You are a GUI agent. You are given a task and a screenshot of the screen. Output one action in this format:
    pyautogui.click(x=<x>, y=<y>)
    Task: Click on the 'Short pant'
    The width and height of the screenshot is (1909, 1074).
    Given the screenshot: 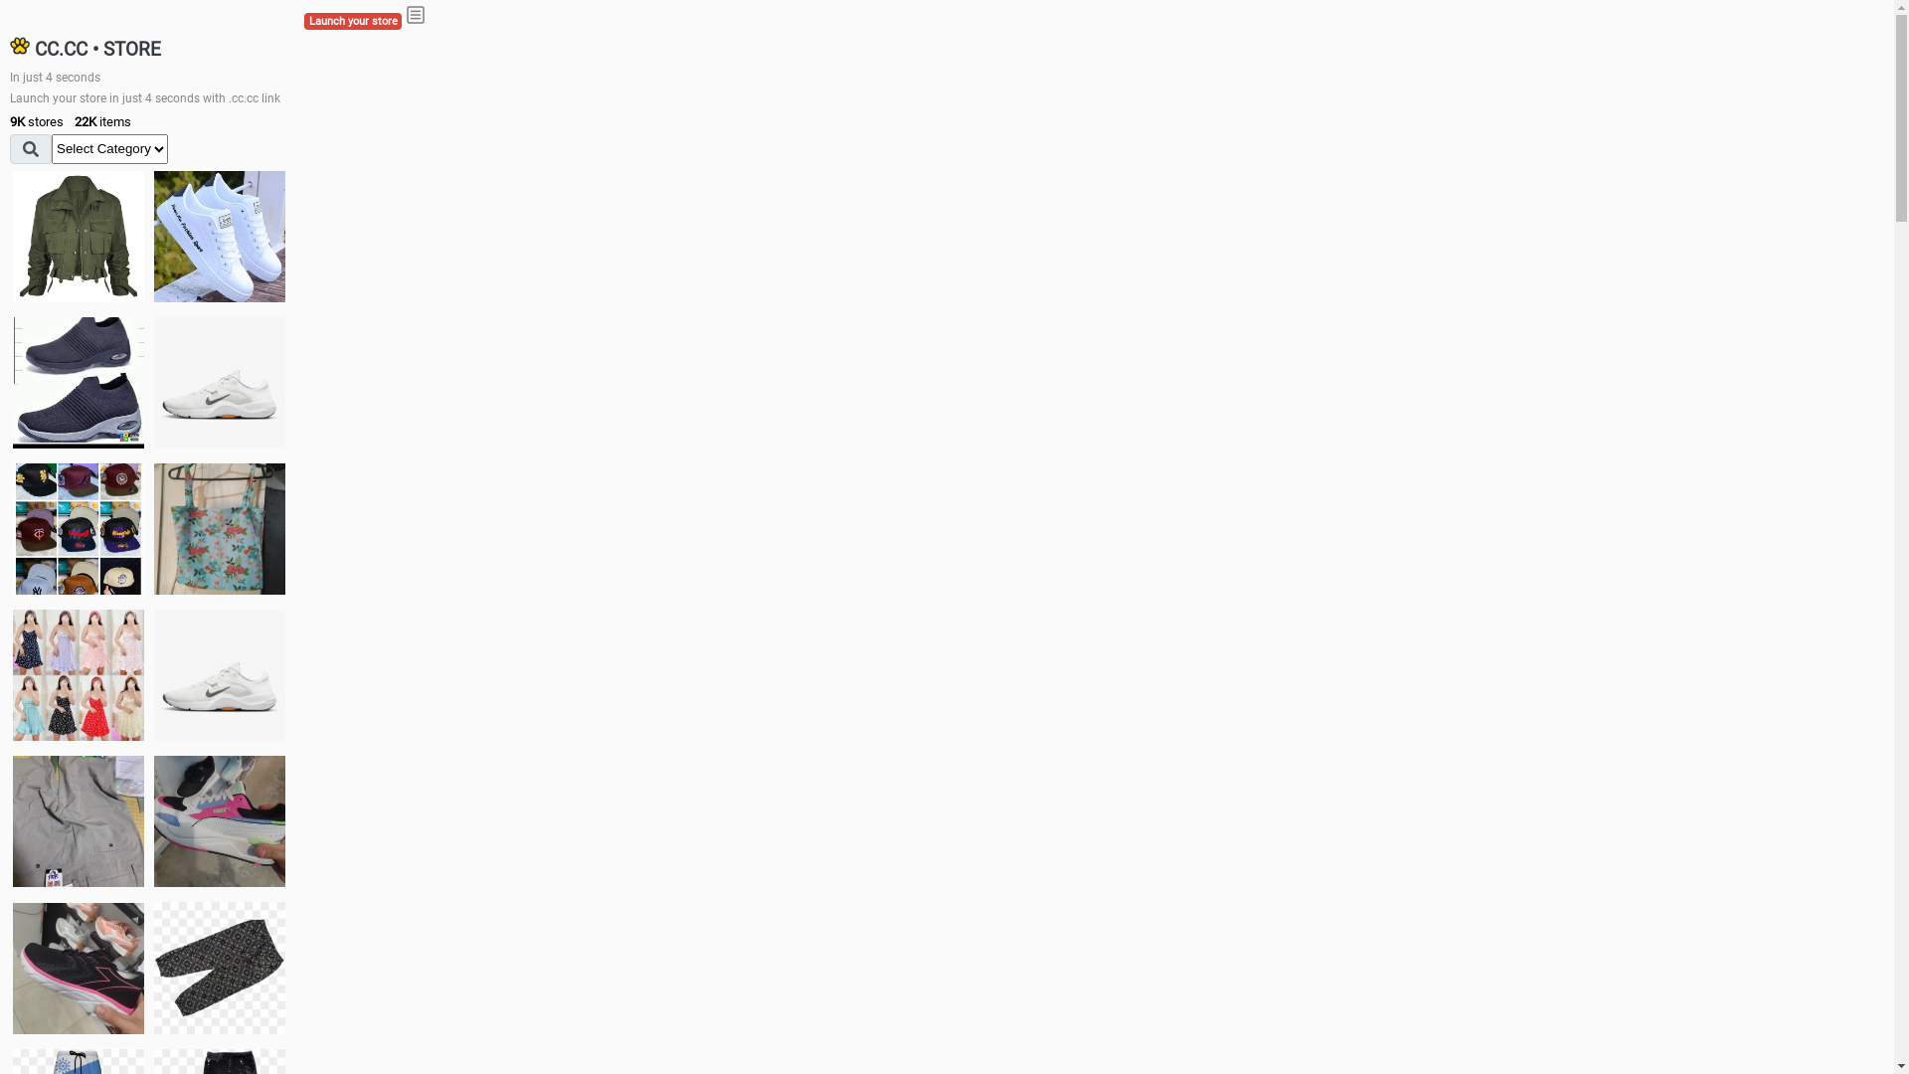 What is the action you would take?
    pyautogui.click(x=152, y=966)
    